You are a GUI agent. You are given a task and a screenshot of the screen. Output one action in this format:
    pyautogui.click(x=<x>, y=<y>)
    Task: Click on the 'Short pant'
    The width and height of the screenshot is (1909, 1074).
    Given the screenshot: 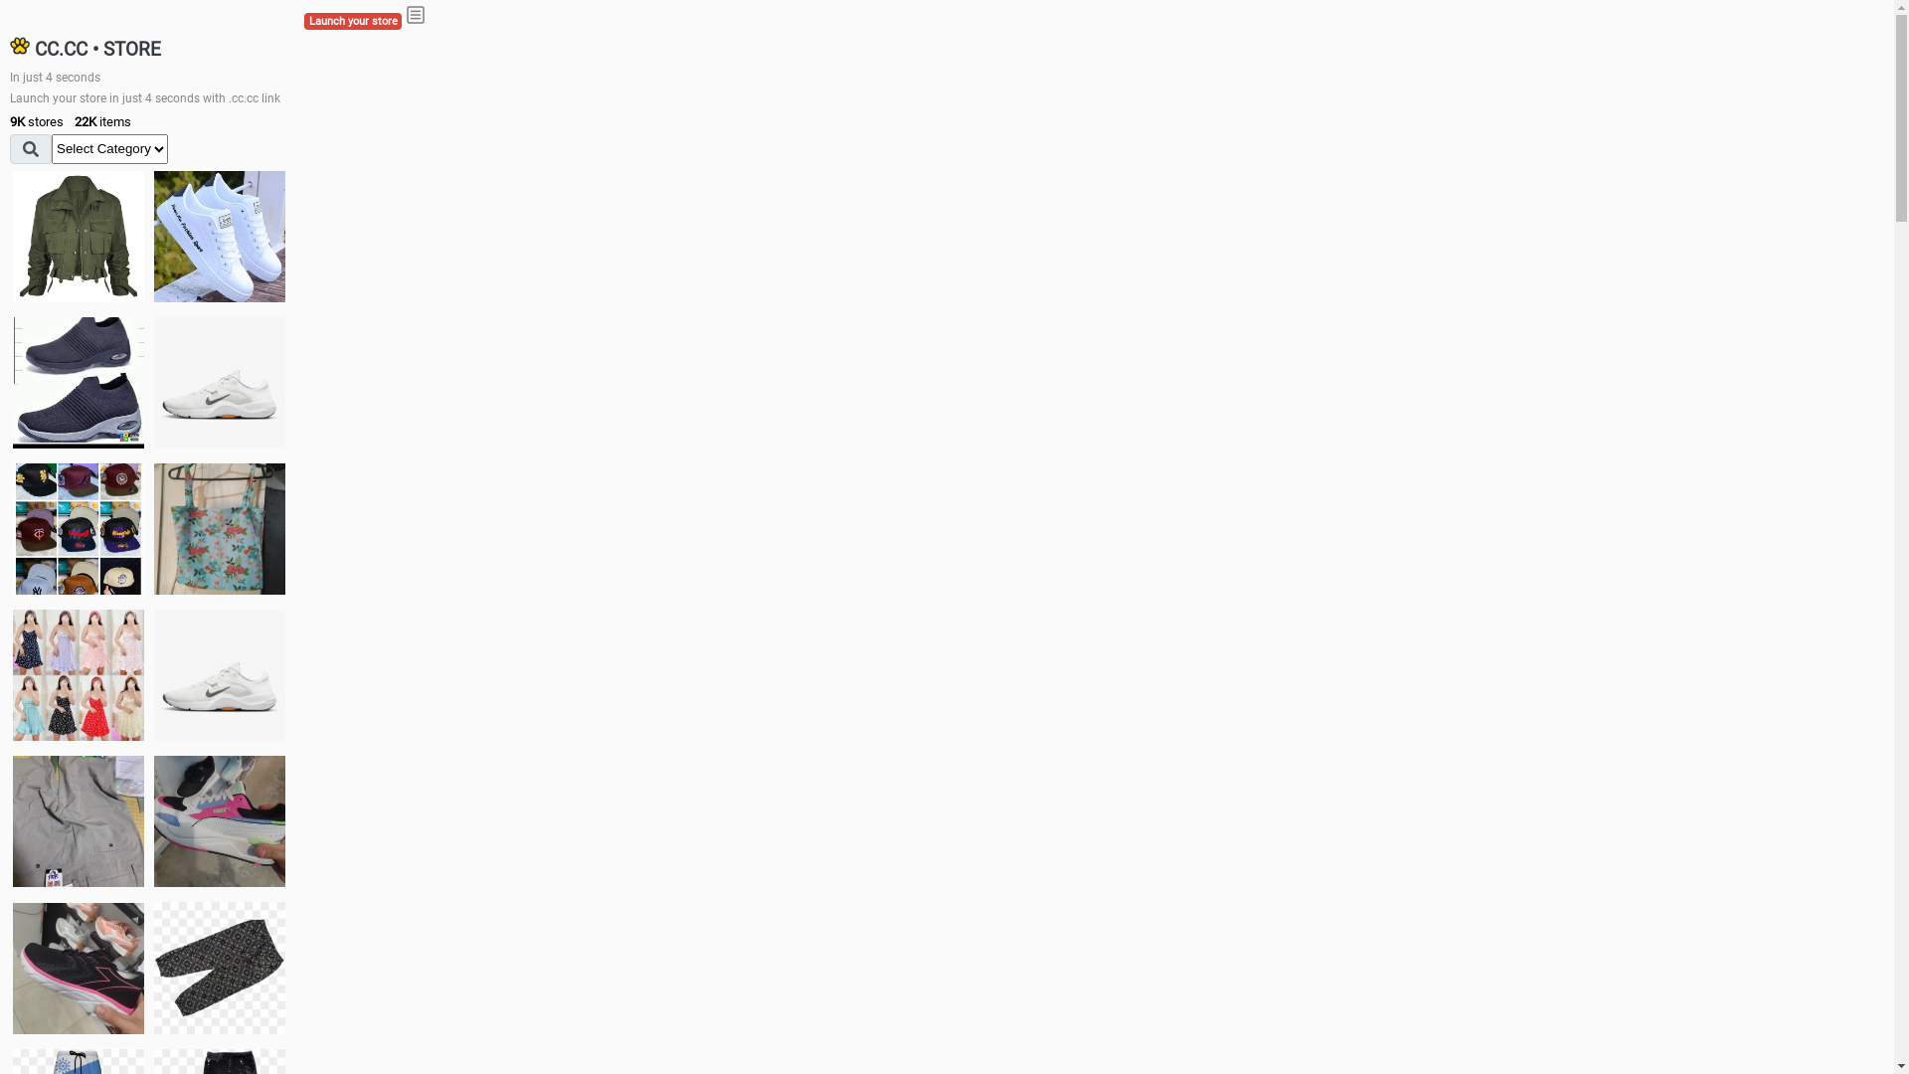 What is the action you would take?
    pyautogui.click(x=152, y=966)
    